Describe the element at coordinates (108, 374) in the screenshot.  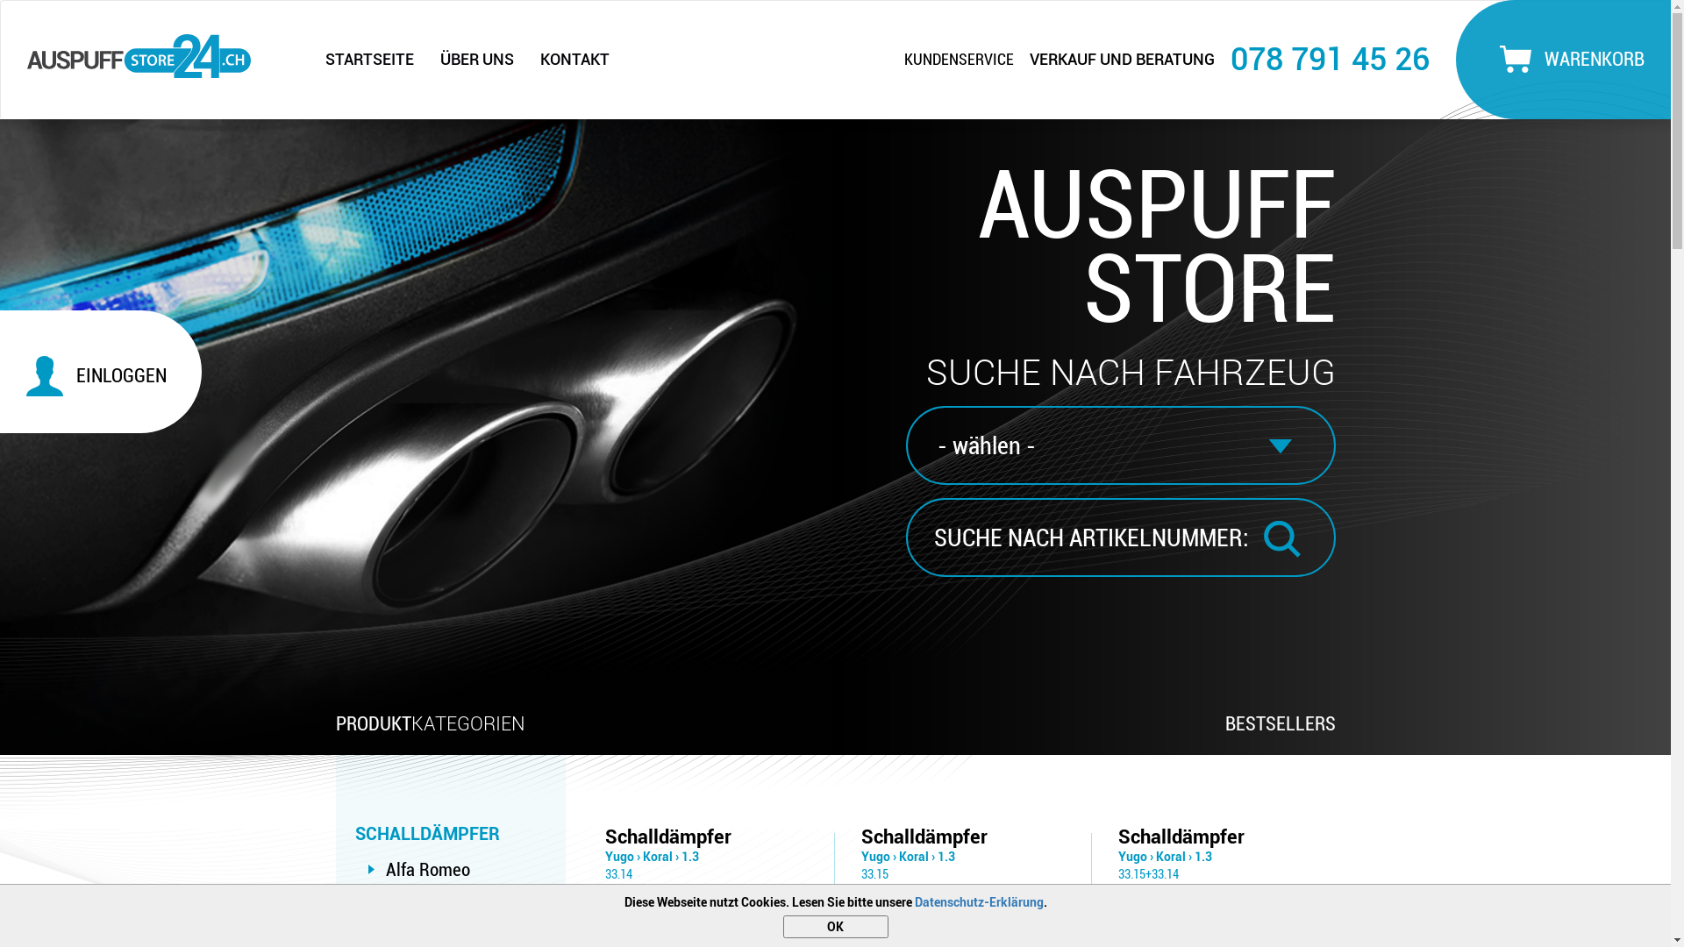
I see `'EINLOGGEN'` at that location.